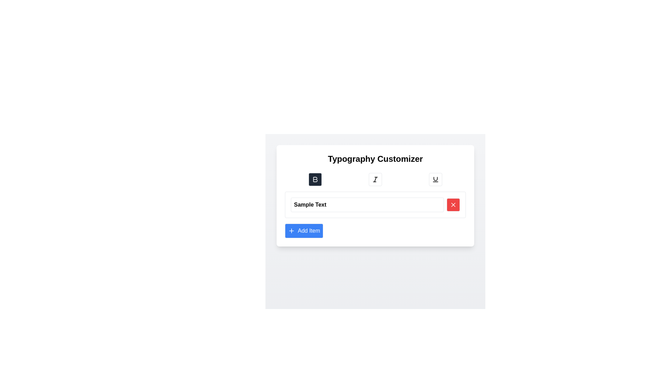 The width and height of the screenshot is (668, 375). I want to click on the italic styling button in the 'Typography Customizer' section, so click(375, 179).